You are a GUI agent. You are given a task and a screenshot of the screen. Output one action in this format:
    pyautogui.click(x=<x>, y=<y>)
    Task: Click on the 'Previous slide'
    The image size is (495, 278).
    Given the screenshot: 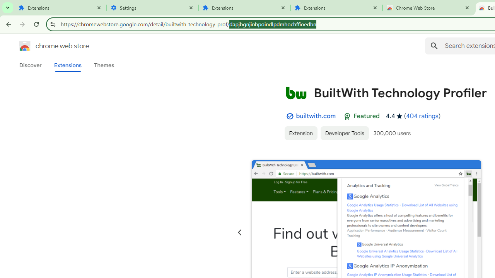 What is the action you would take?
    pyautogui.click(x=239, y=232)
    